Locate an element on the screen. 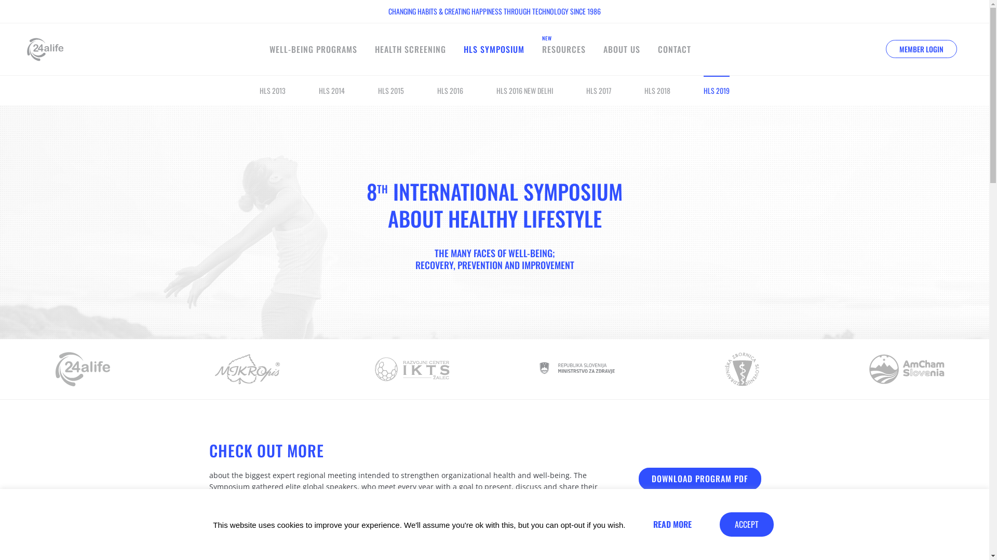 Image resolution: width=997 pixels, height=560 pixels. 'HLS 2016' is located at coordinates (450, 90).